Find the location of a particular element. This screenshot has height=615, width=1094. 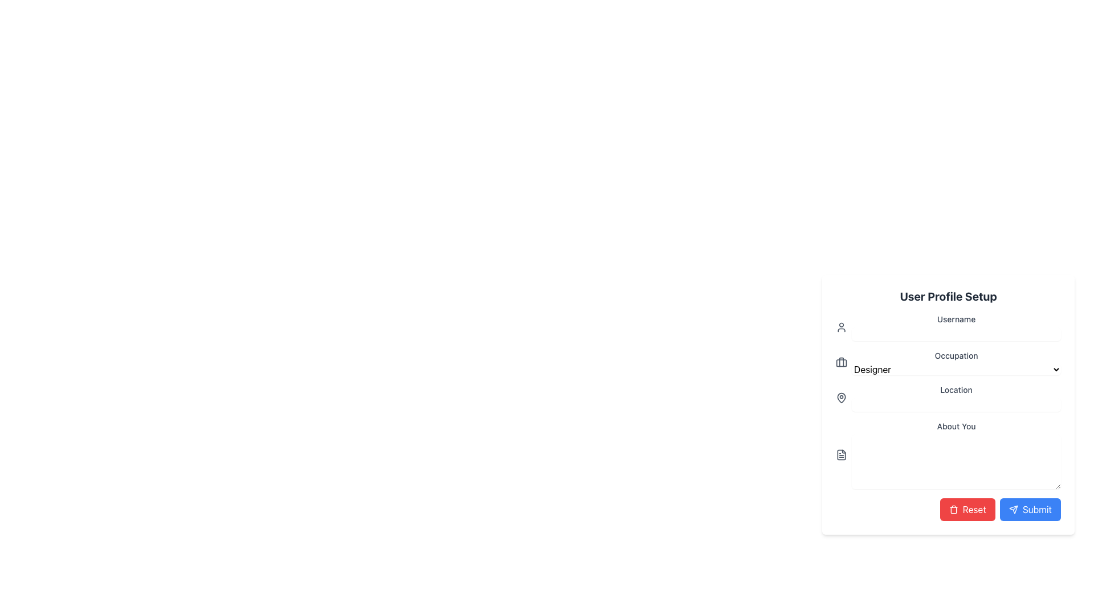

the second button in the button group at the bottom-right corner of the form for keyboard interaction is located at coordinates (1030, 509).